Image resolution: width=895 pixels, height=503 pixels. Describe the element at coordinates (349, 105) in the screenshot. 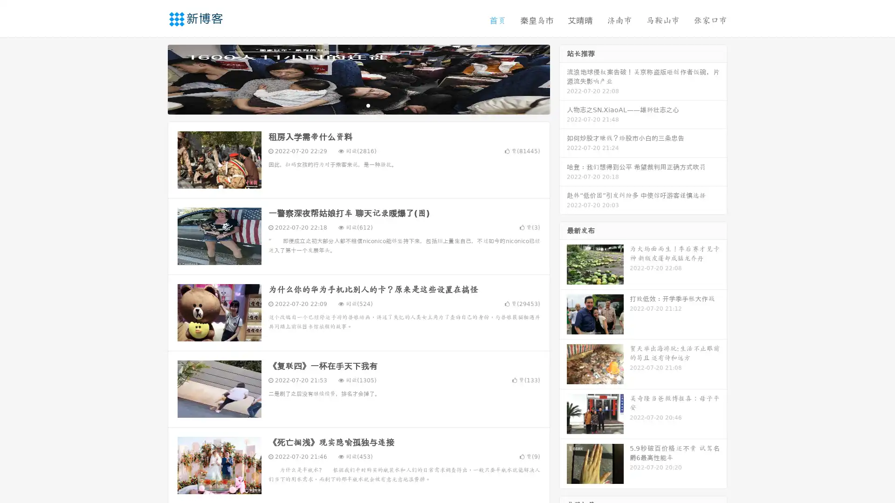

I see `Go to slide 1` at that location.